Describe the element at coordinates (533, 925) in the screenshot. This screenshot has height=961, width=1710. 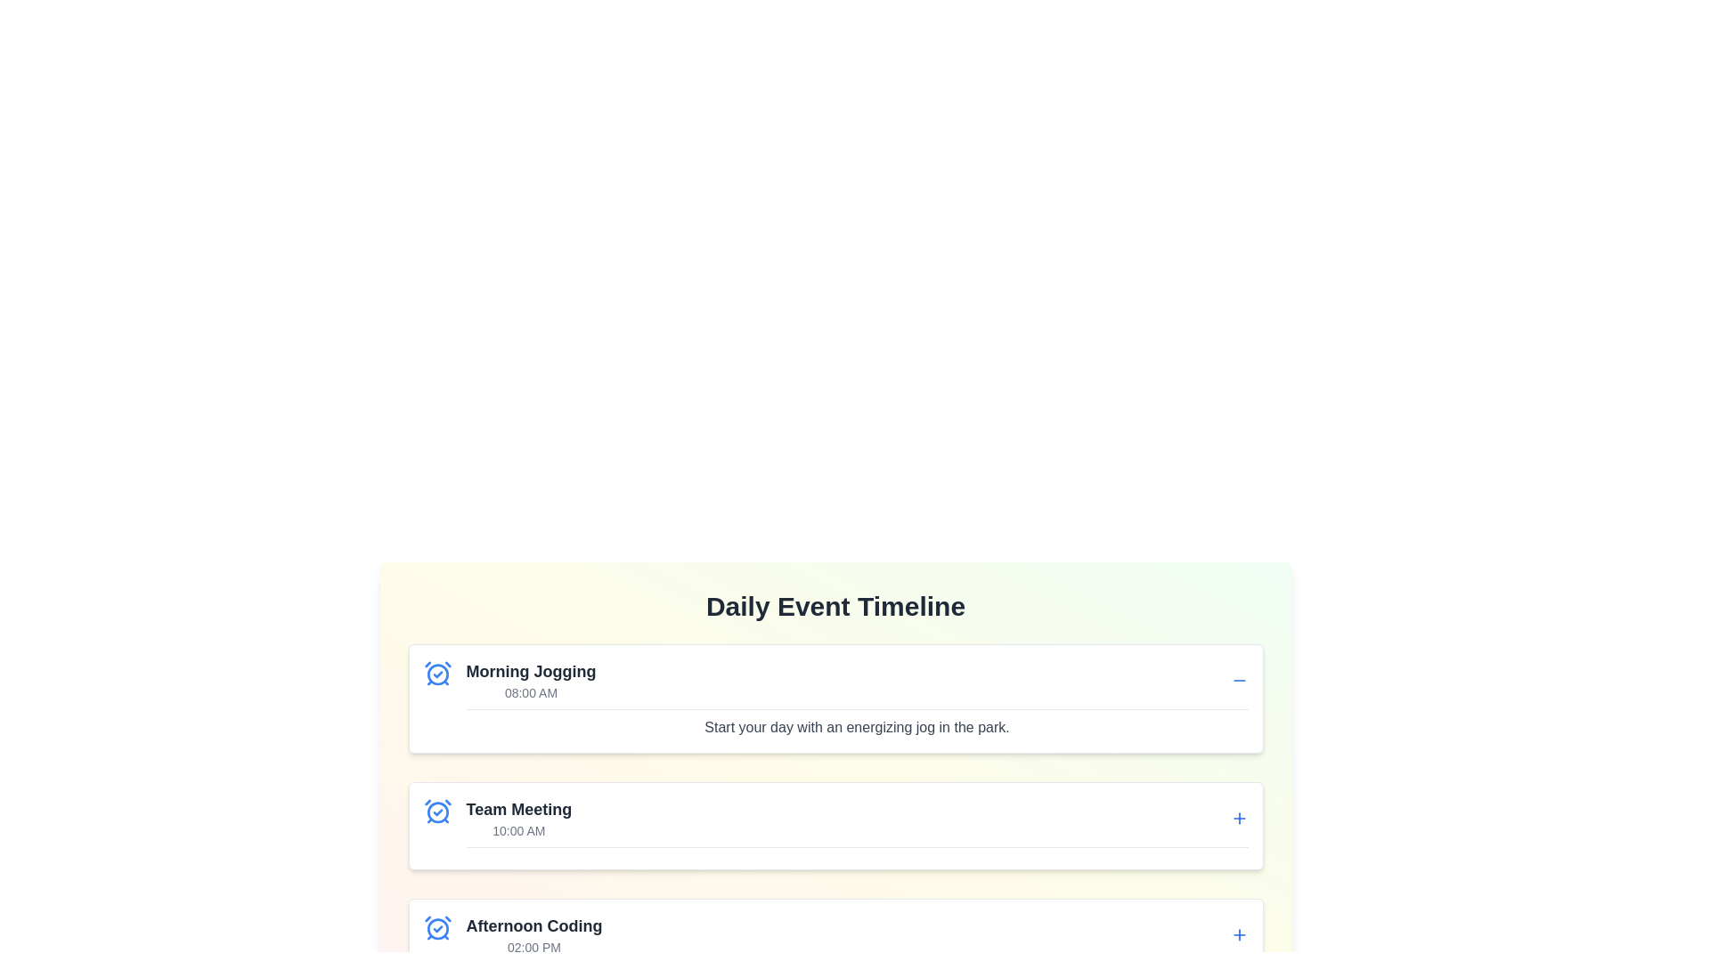
I see `the text label displaying 'Afternoon Coding' in bold, large dark gray font, located in the third section of the vertical timeline interface` at that location.